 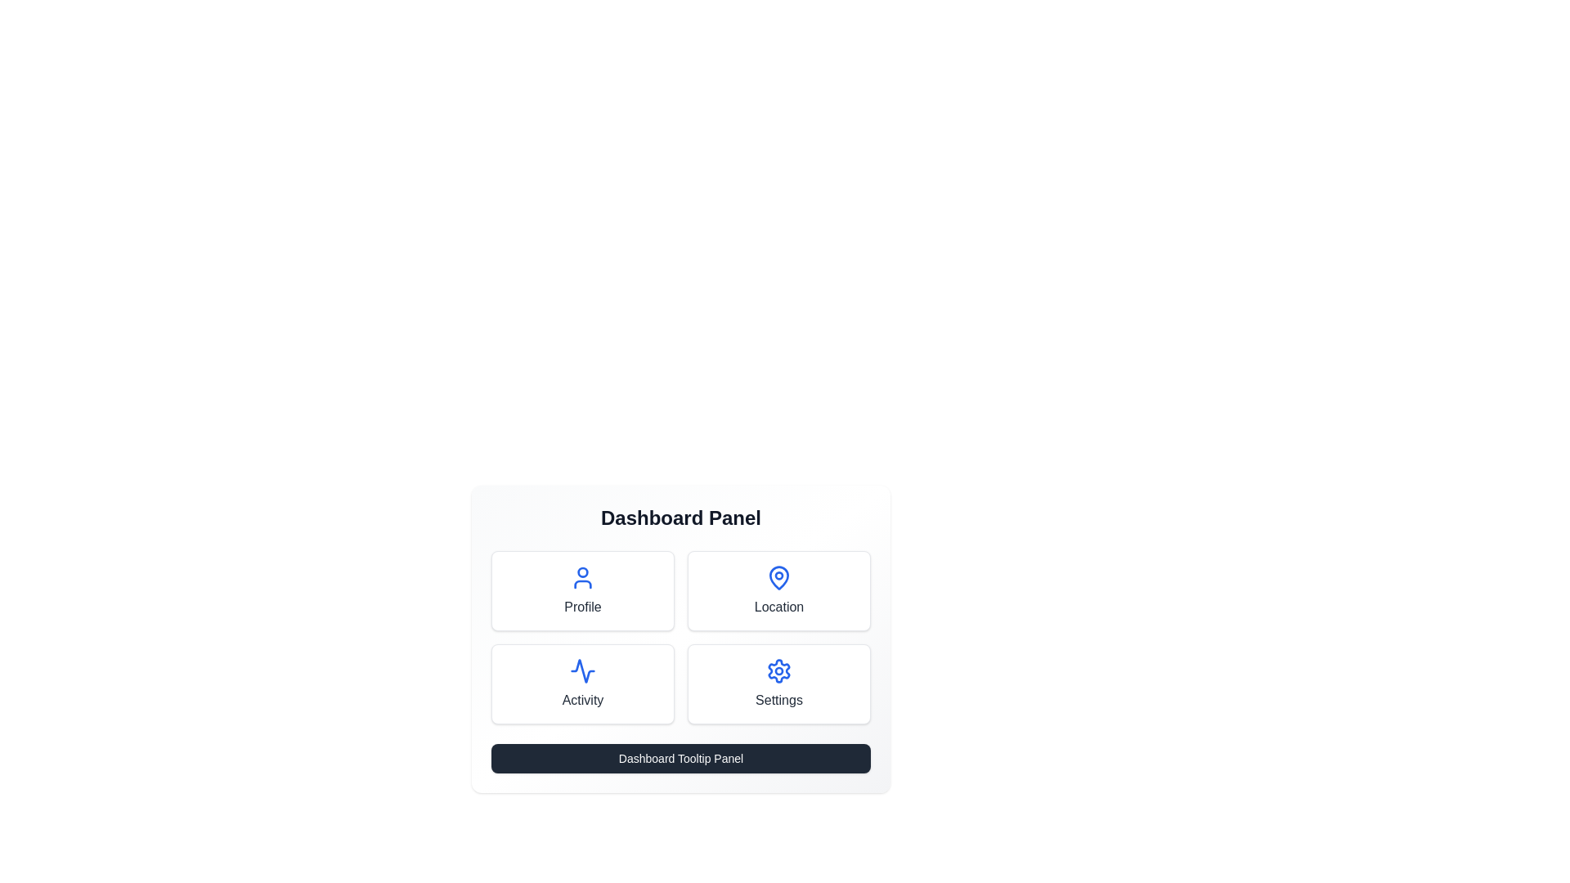 What do you see at coordinates (582, 607) in the screenshot?
I see `the static text label for the 'Profile' section, which is located below the user icon in the upper-left position of a 2x2 grid within the dashboard panel` at bounding box center [582, 607].